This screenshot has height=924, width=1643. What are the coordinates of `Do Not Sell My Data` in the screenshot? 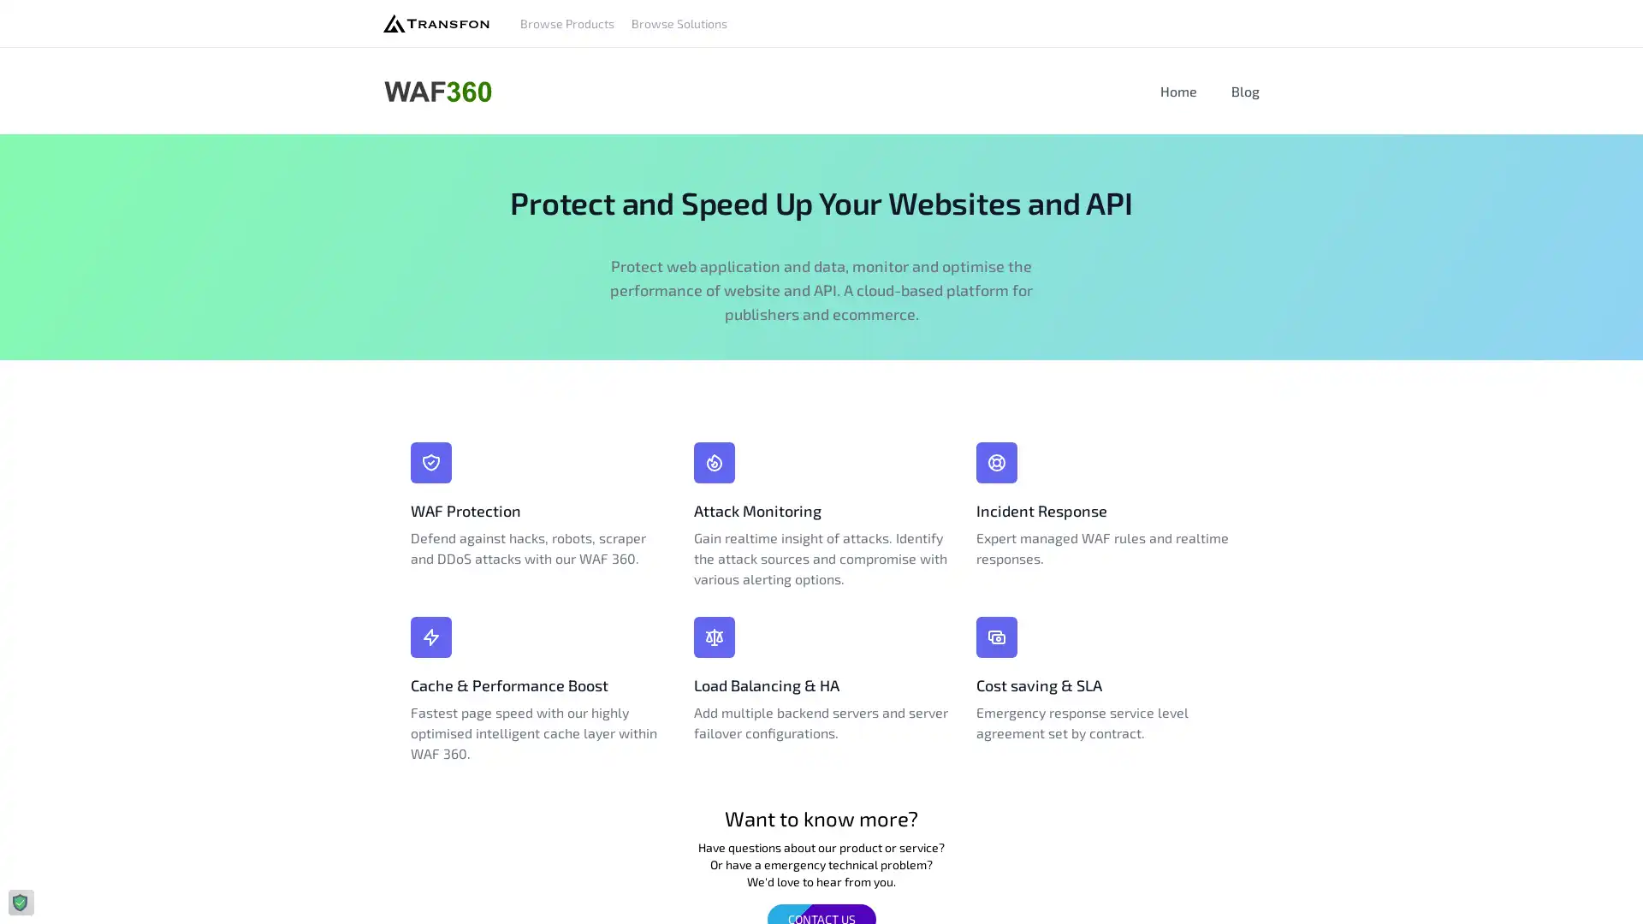 It's located at (103, 893).